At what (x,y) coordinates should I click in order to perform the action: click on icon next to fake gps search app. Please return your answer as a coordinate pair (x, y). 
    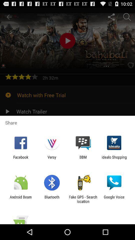
    Looking at the image, I should click on (114, 199).